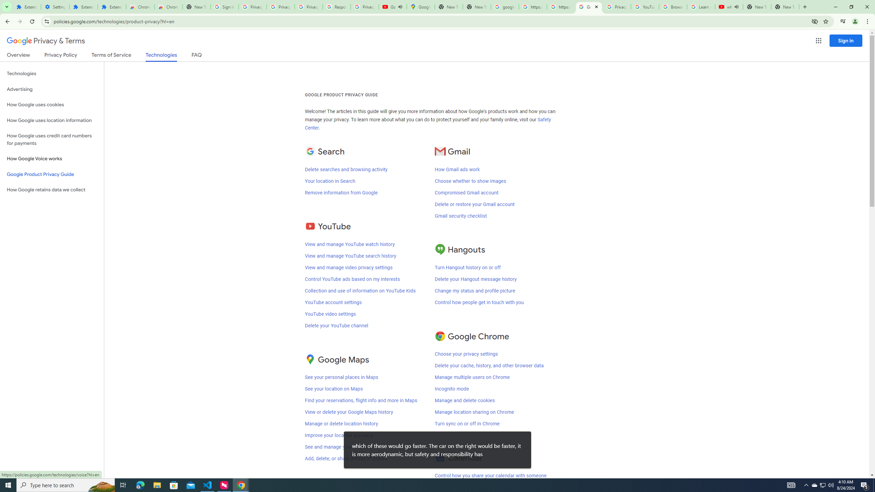  I want to click on 'Extensions', so click(26, 6).